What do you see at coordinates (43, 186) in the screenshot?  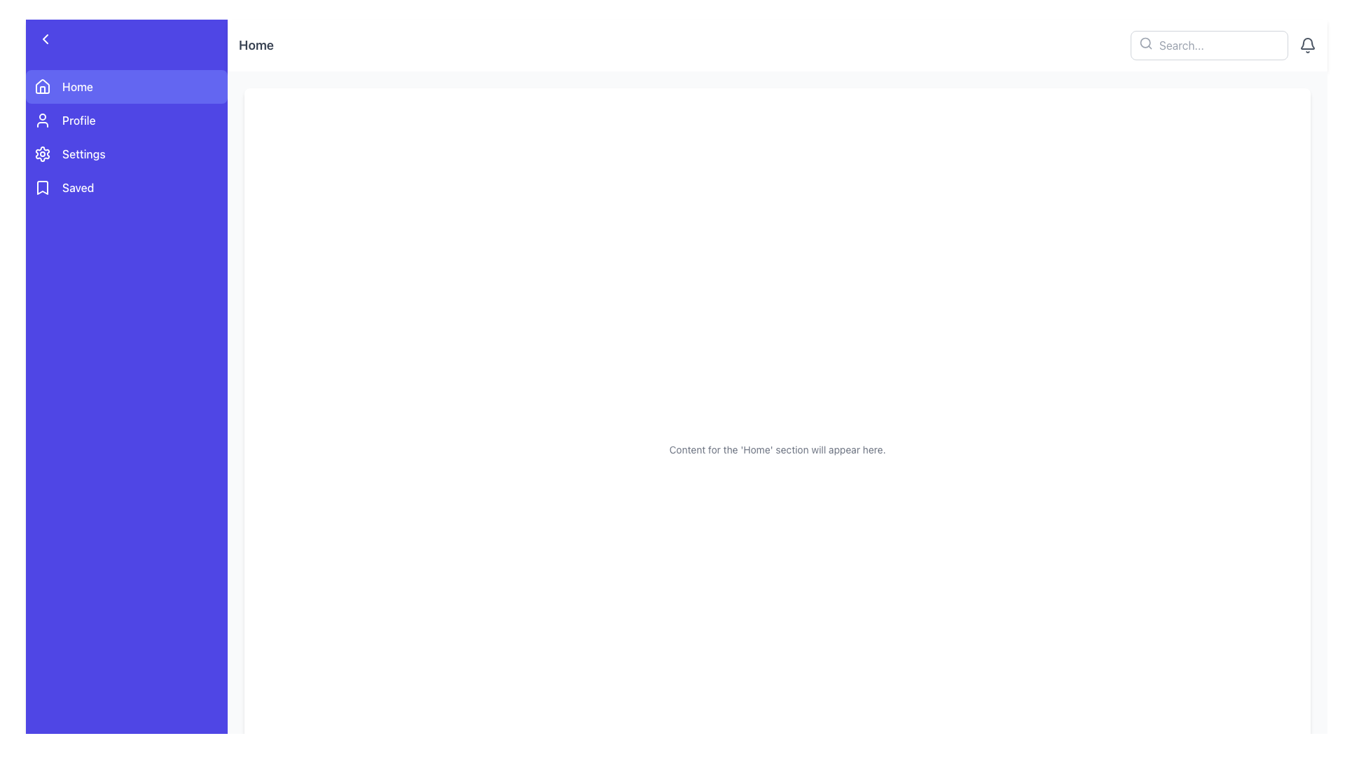 I see `the bookmark-style icon representing the 'Saved' menu option if it is selectable` at bounding box center [43, 186].